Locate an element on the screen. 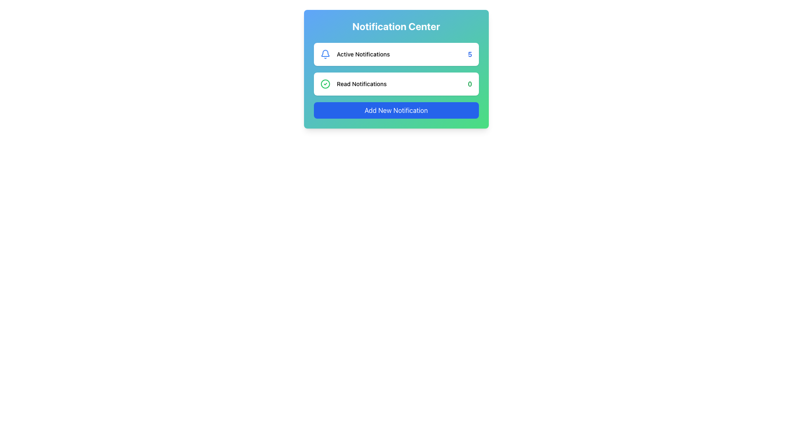 Image resolution: width=792 pixels, height=445 pixels. the 'Read Notifications' icon located to the left of the text 'Read Notifications' in the Notification Center, indicating the status of read notifications is located at coordinates (325, 84).